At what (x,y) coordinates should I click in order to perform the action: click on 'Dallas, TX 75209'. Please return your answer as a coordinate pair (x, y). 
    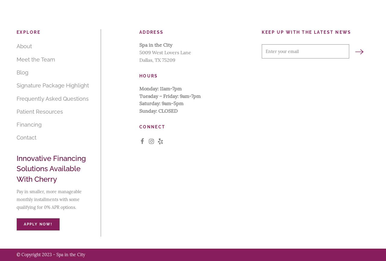
    Looking at the image, I should click on (157, 59).